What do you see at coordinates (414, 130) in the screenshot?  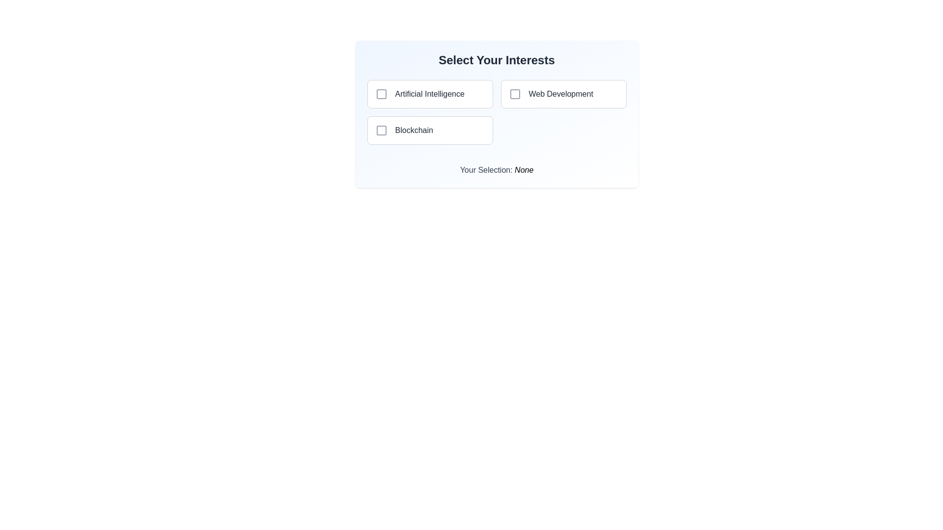 I see `the 'Blockchain' text label, which is displayed in dark gray within a clickable card on the lower-left side of the interest selection grid` at bounding box center [414, 130].